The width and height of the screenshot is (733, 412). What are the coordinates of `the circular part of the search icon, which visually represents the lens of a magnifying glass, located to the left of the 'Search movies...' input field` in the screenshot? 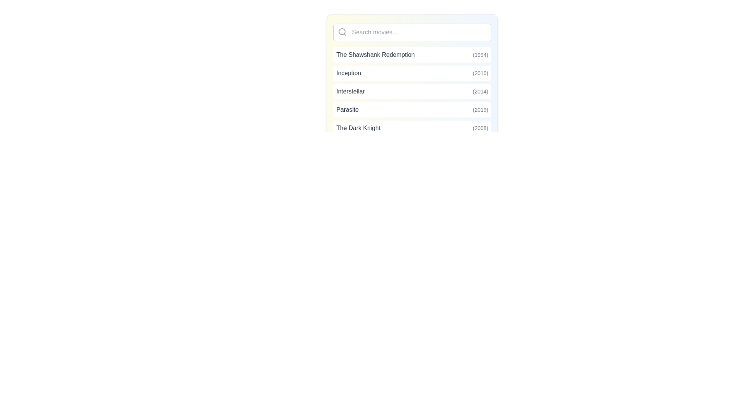 It's located at (342, 31).